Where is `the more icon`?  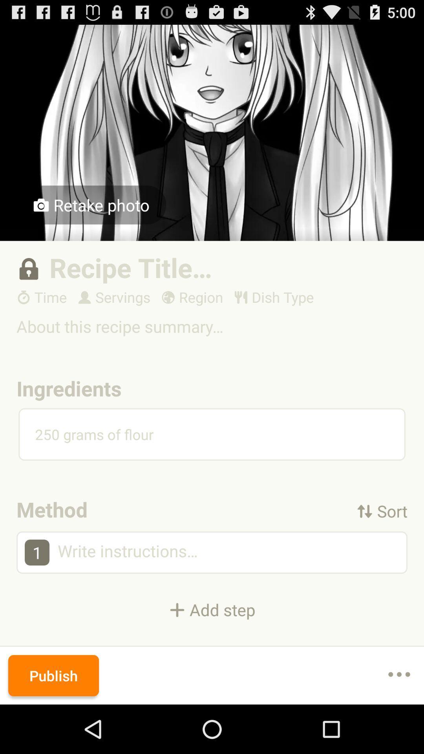
the more icon is located at coordinates (399, 723).